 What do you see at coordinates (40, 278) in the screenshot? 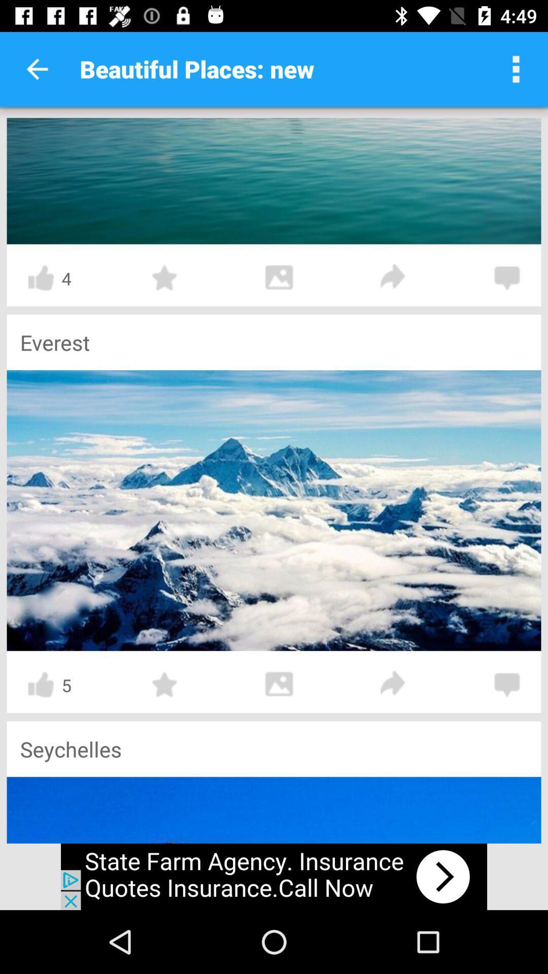
I see `like symbol` at bounding box center [40, 278].